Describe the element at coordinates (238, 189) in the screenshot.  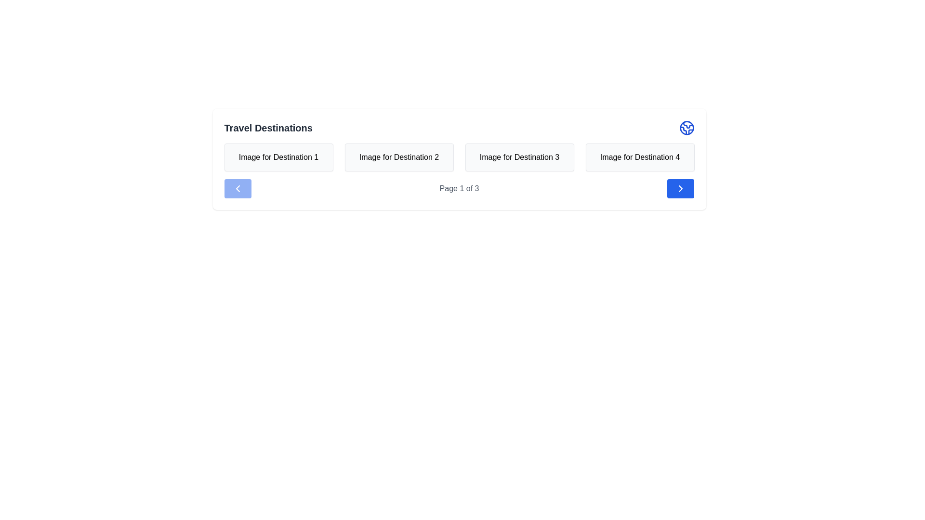
I see `the left chevron arrow icon located within the navigation button at the bottom left of the content section` at that location.